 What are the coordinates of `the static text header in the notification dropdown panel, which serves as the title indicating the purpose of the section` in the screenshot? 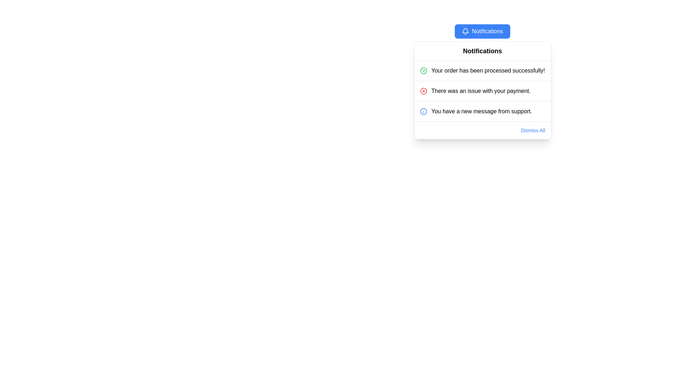 It's located at (482, 50).